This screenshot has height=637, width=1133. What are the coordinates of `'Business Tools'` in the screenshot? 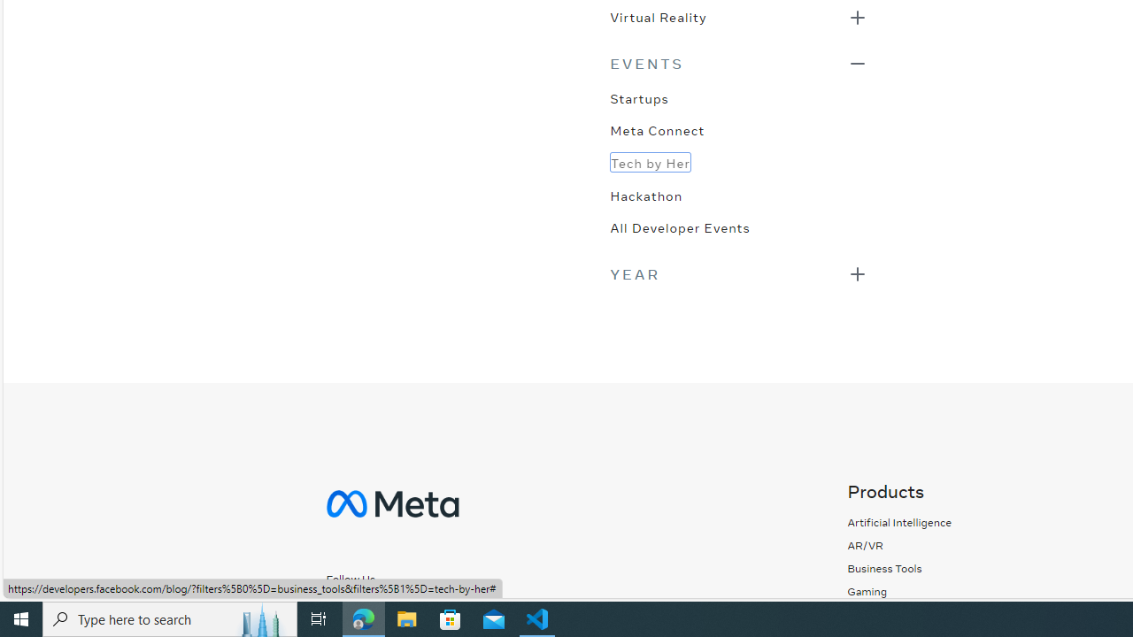 It's located at (899, 568).